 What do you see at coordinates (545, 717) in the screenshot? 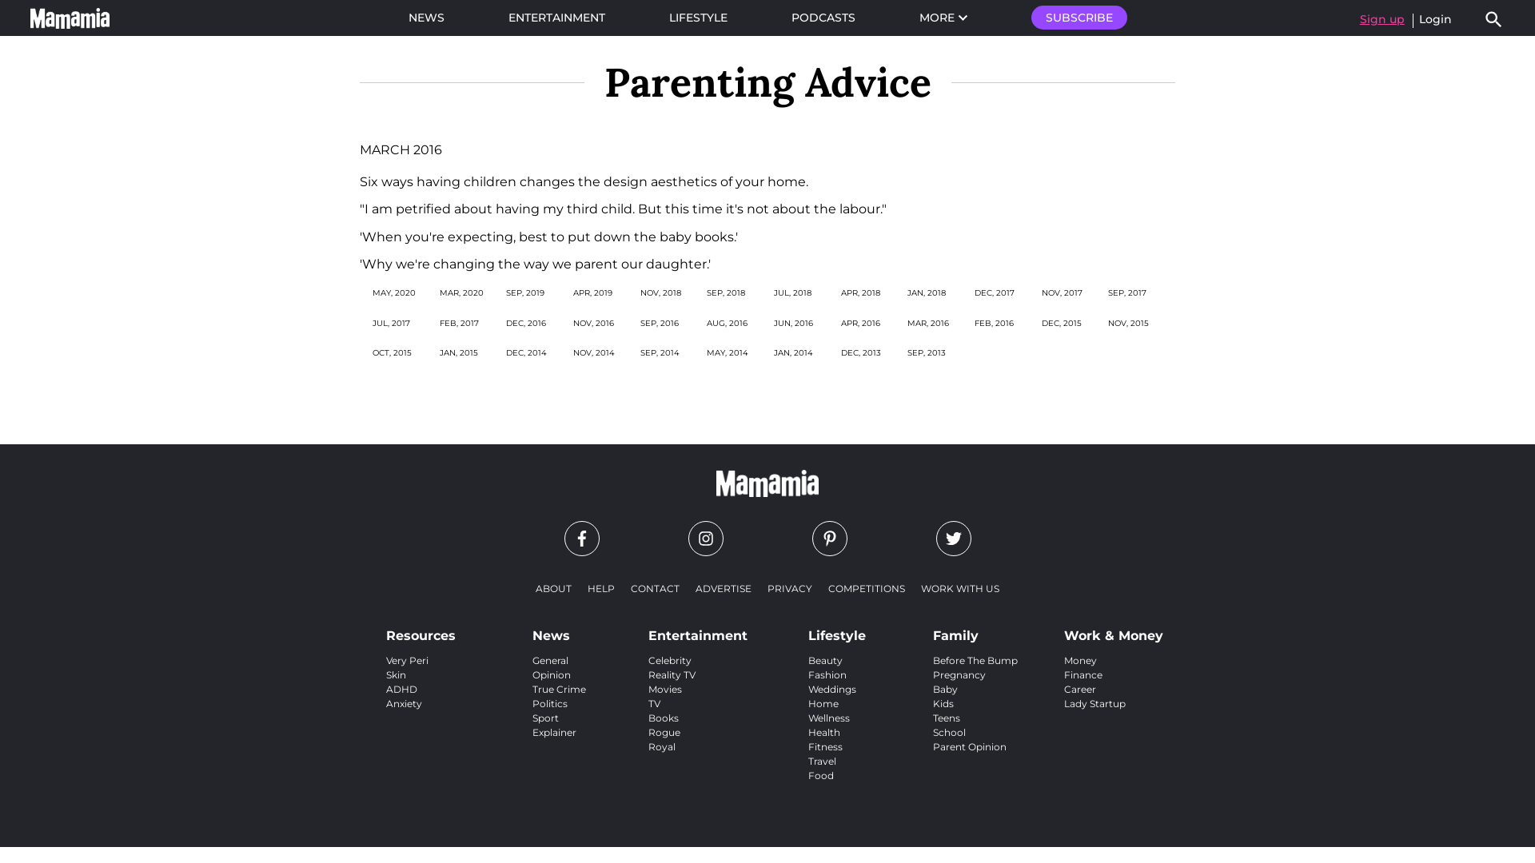
I see `'Sport'` at bounding box center [545, 717].